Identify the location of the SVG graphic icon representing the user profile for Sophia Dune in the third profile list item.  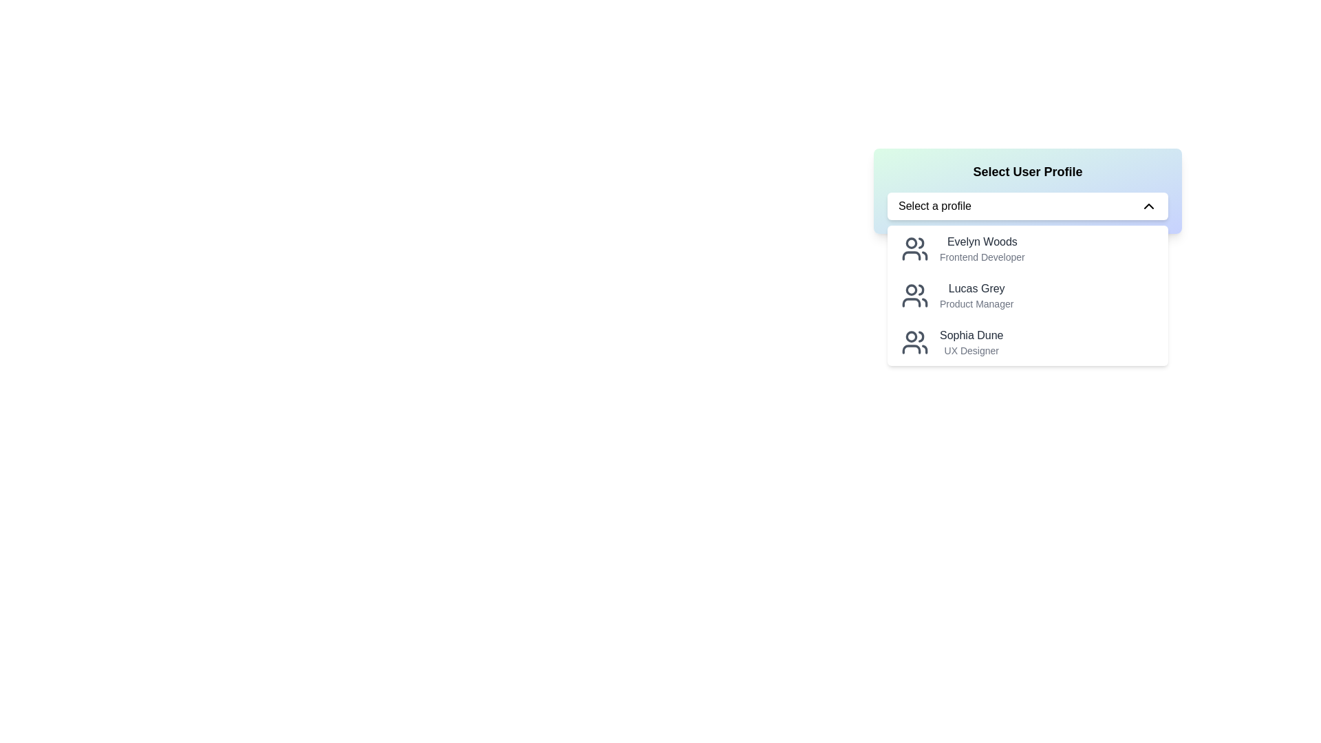
(914, 341).